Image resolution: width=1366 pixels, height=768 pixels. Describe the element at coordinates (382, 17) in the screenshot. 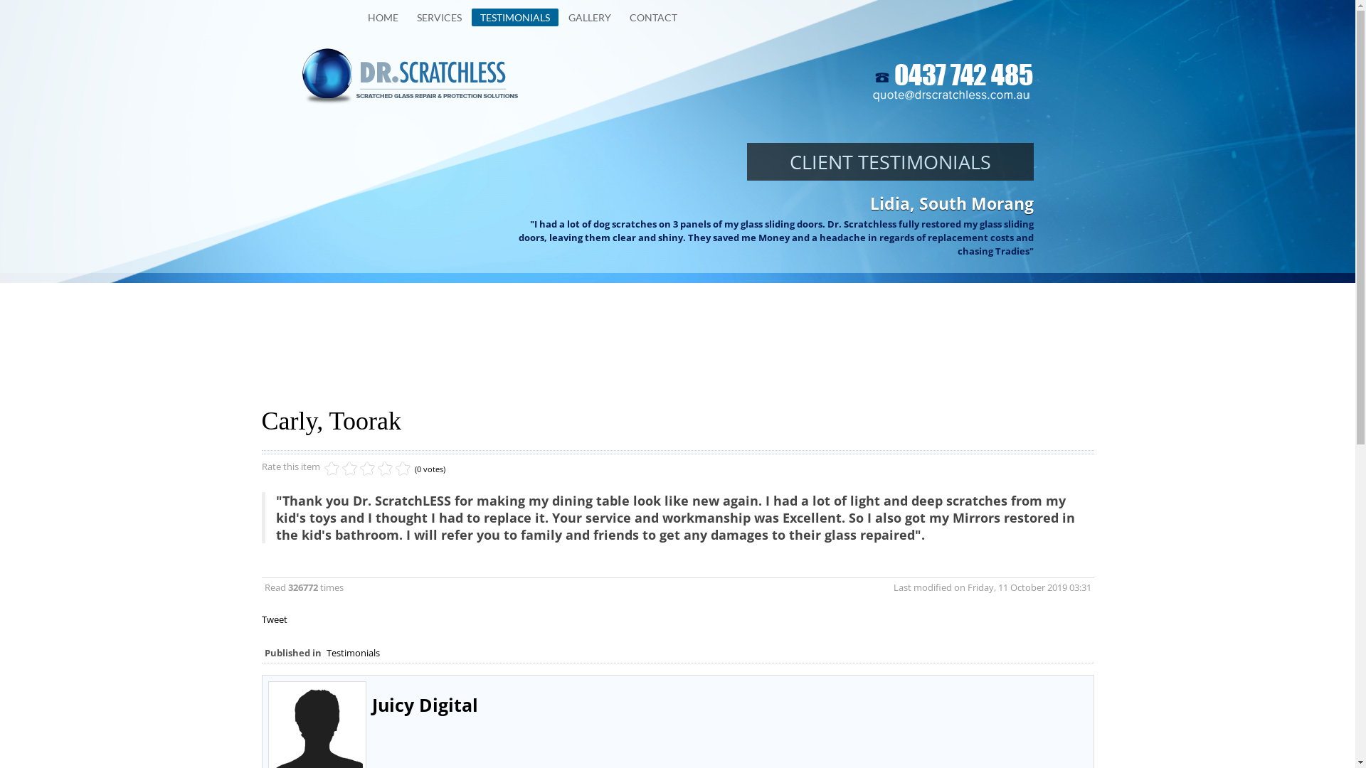

I see `'HOME'` at that location.